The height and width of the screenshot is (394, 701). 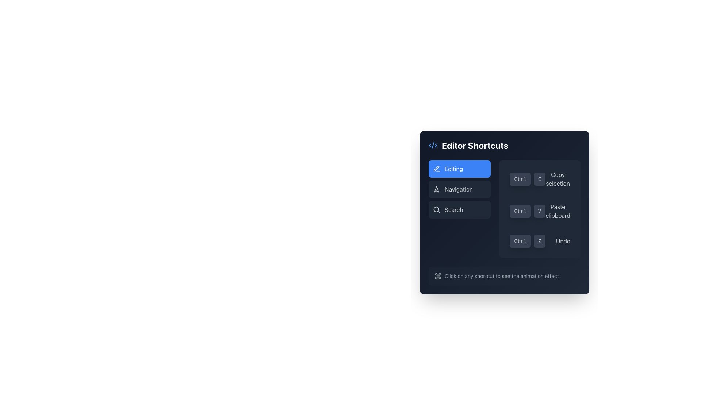 What do you see at coordinates (436, 169) in the screenshot?
I see `the stylized pen icon located within the circular blue icon in the top-left corner of the 'Editor Shortcuts' panel` at bounding box center [436, 169].